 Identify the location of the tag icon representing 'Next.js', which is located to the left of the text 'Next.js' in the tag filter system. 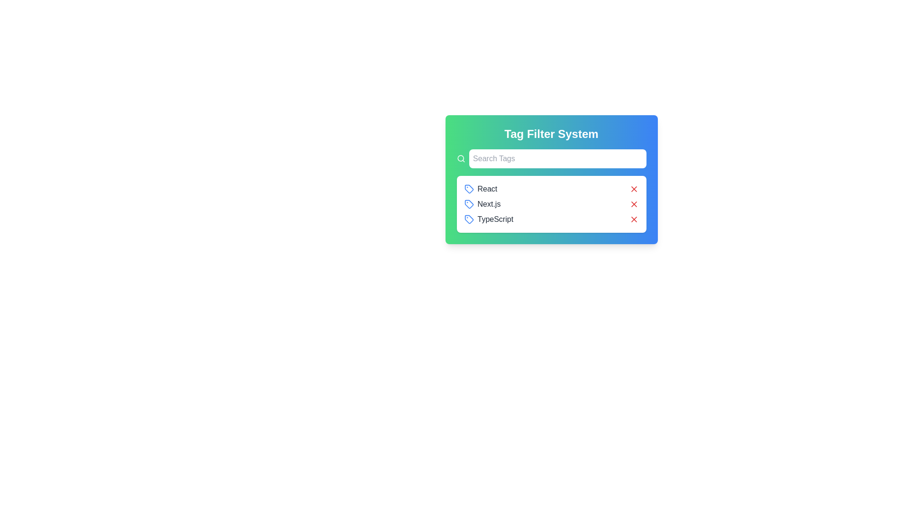
(469, 204).